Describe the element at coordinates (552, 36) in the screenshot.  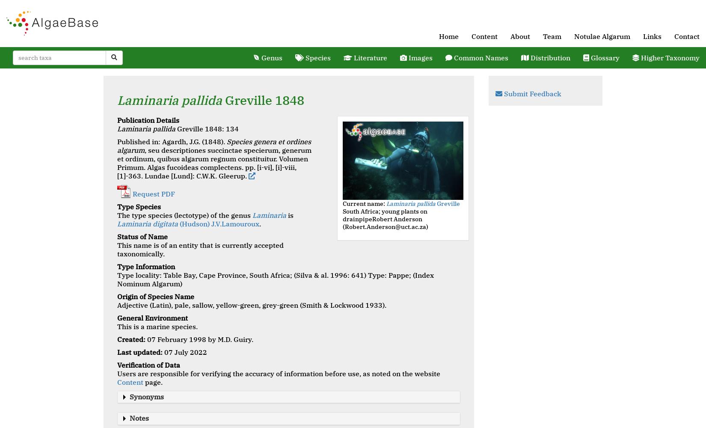
I see `'Team'` at that location.